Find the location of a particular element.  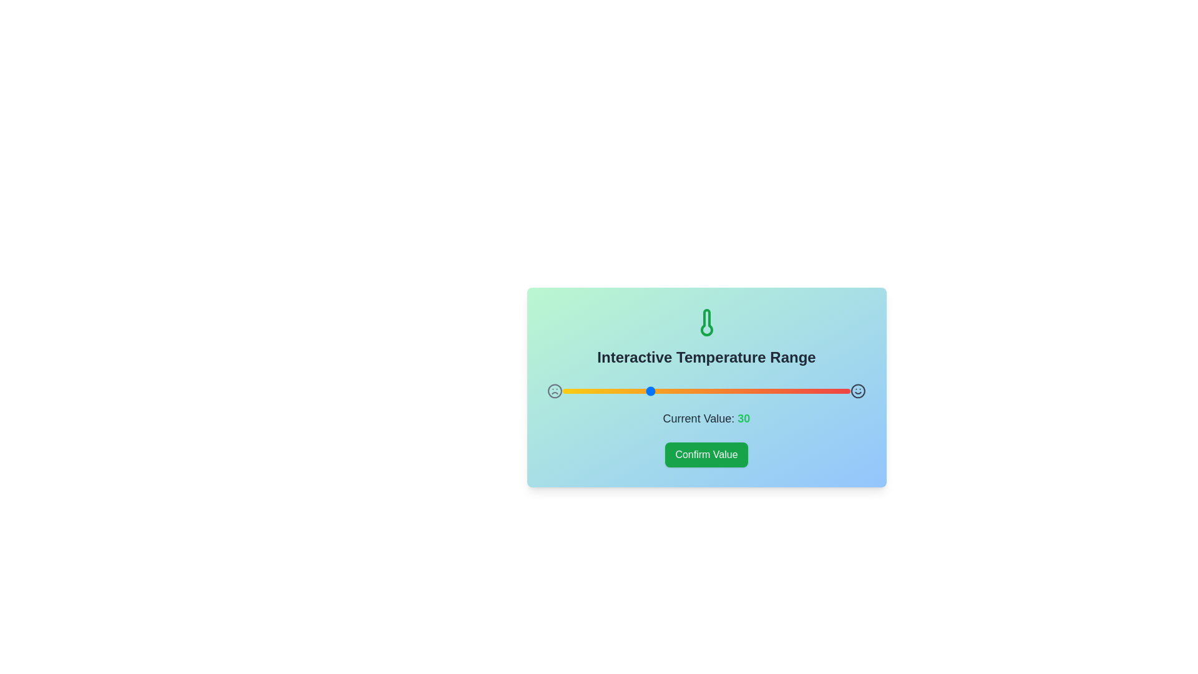

the range slider to set the value to 38 is located at coordinates (671, 391).